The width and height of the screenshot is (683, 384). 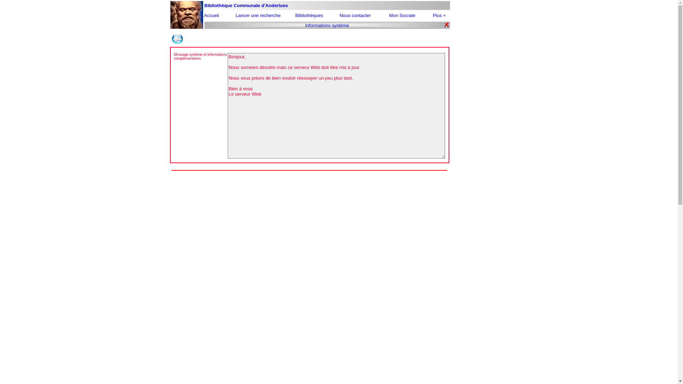 What do you see at coordinates (389, 15) in the screenshot?
I see `'Mon Socrate '` at bounding box center [389, 15].